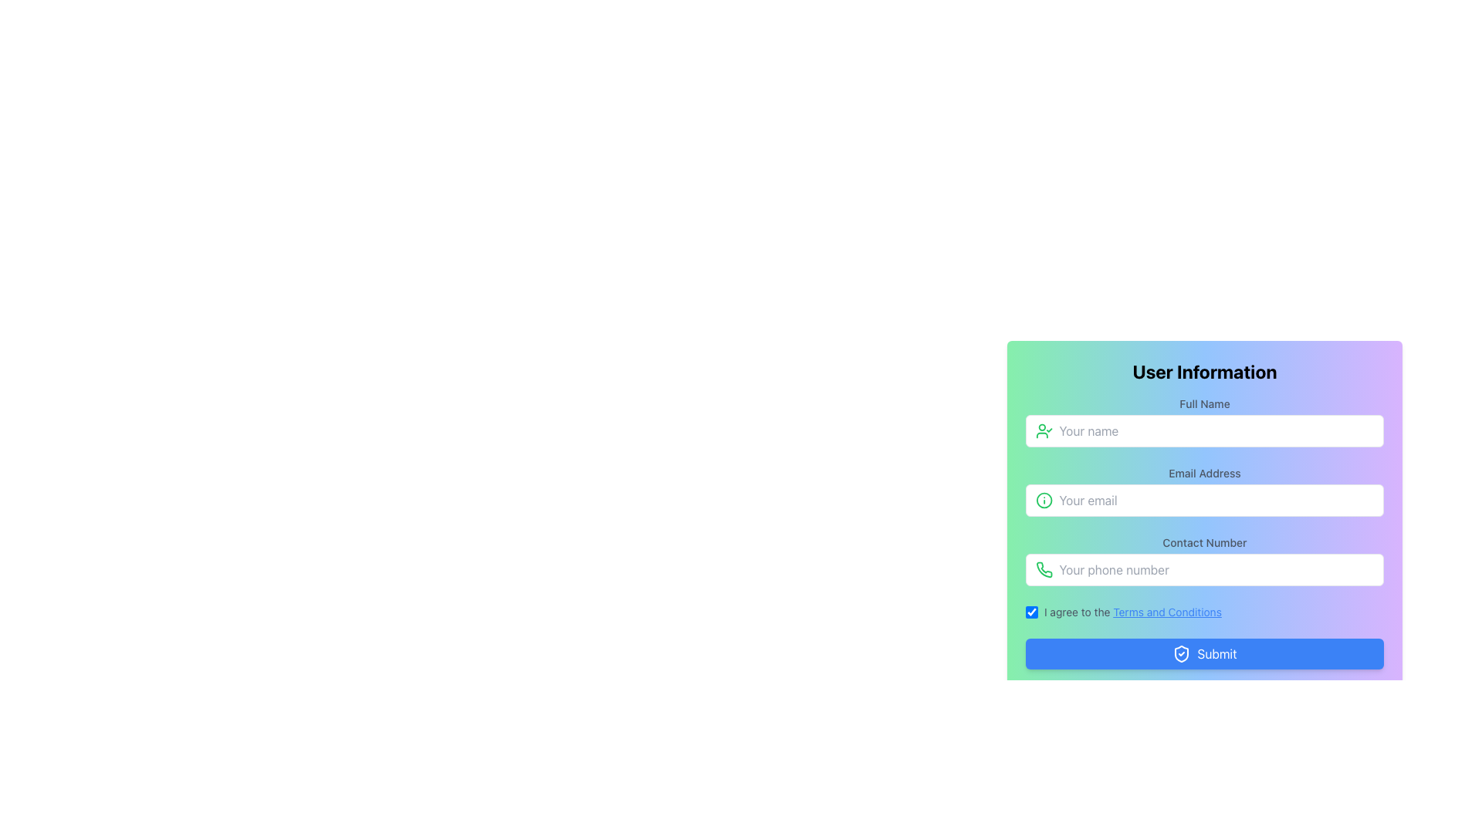  Describe the element at coordinates (1203, 372) in the screenshot. I see `the Text Label located at the top of the form layout card to focus on this section, which indicates the context of the form` at that location.